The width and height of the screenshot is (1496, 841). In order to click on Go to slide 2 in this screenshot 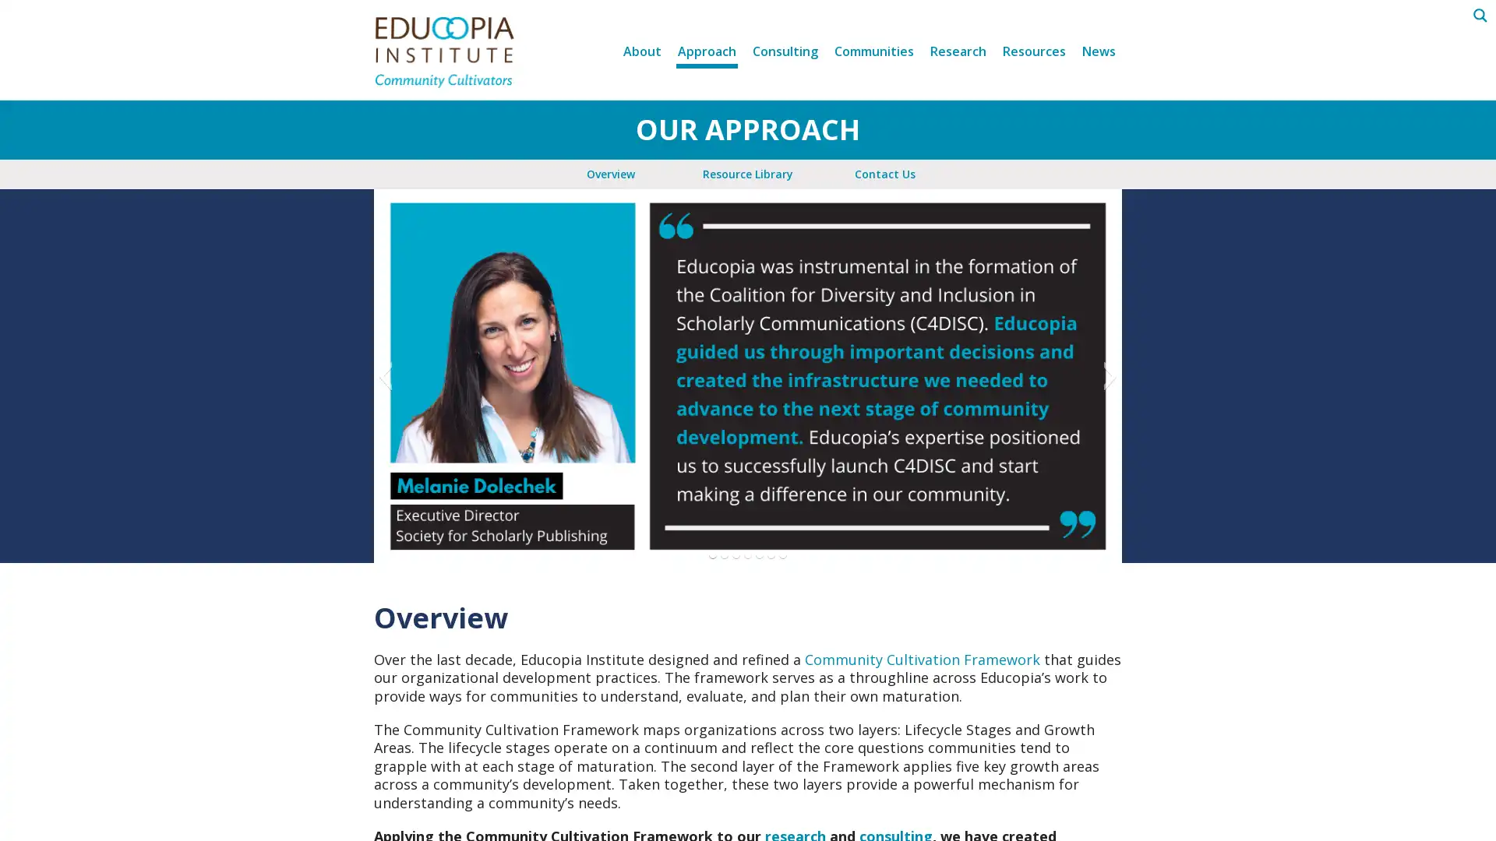, I will do `click(723, 554)`.